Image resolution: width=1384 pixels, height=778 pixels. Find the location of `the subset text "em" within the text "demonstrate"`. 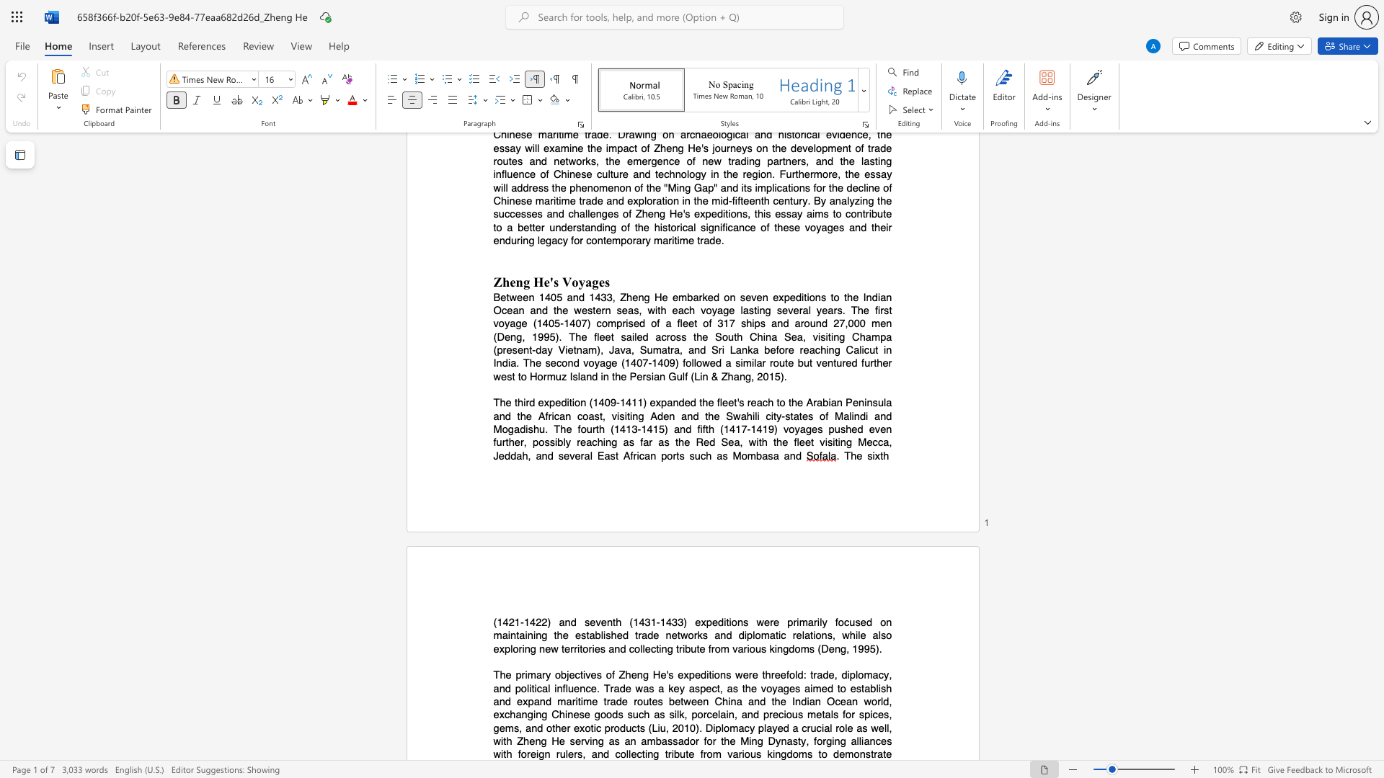

the subset text "em" within the text "demonstrate" is located at coordinates (839, 754).